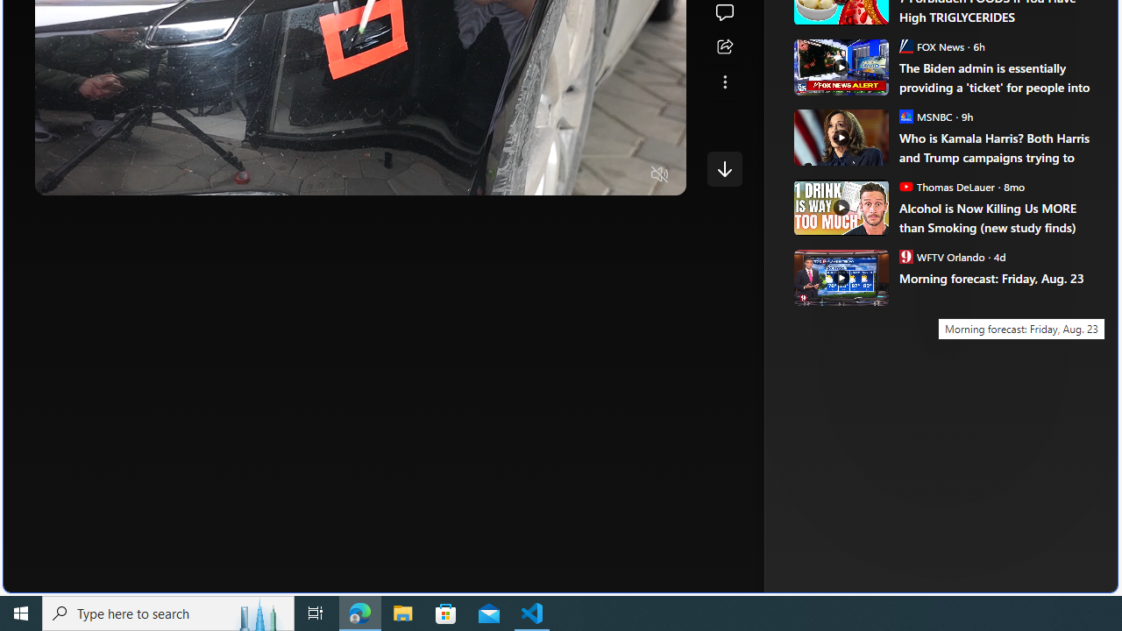 The image size is (1122, 631). I want to click on 'Seek Back', so click(96, 175).